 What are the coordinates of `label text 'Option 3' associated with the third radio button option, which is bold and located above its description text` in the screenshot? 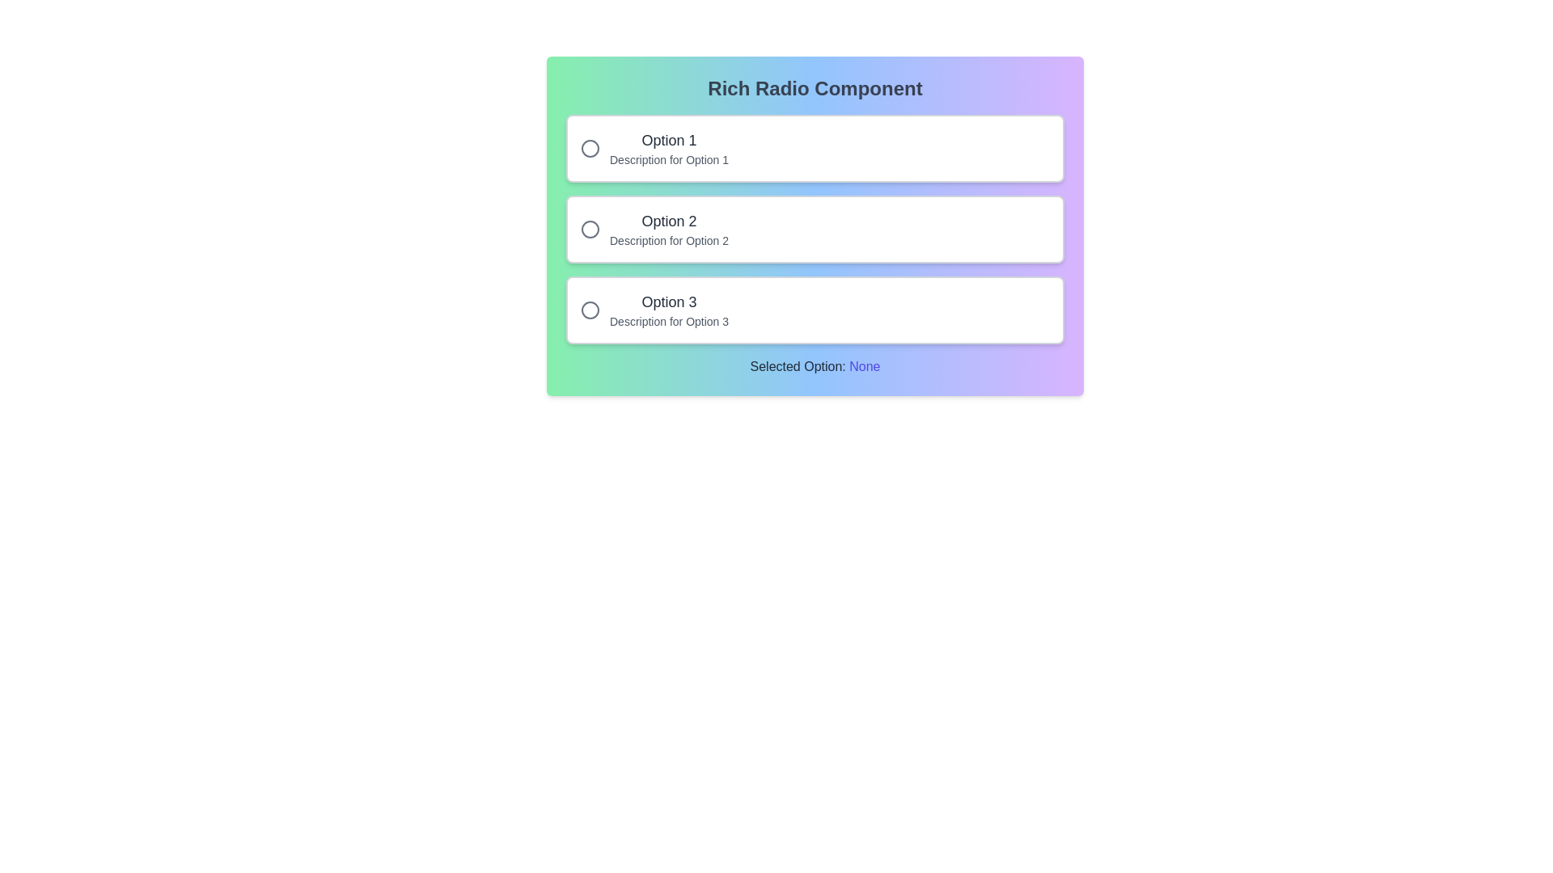 It's located at (669, 302).